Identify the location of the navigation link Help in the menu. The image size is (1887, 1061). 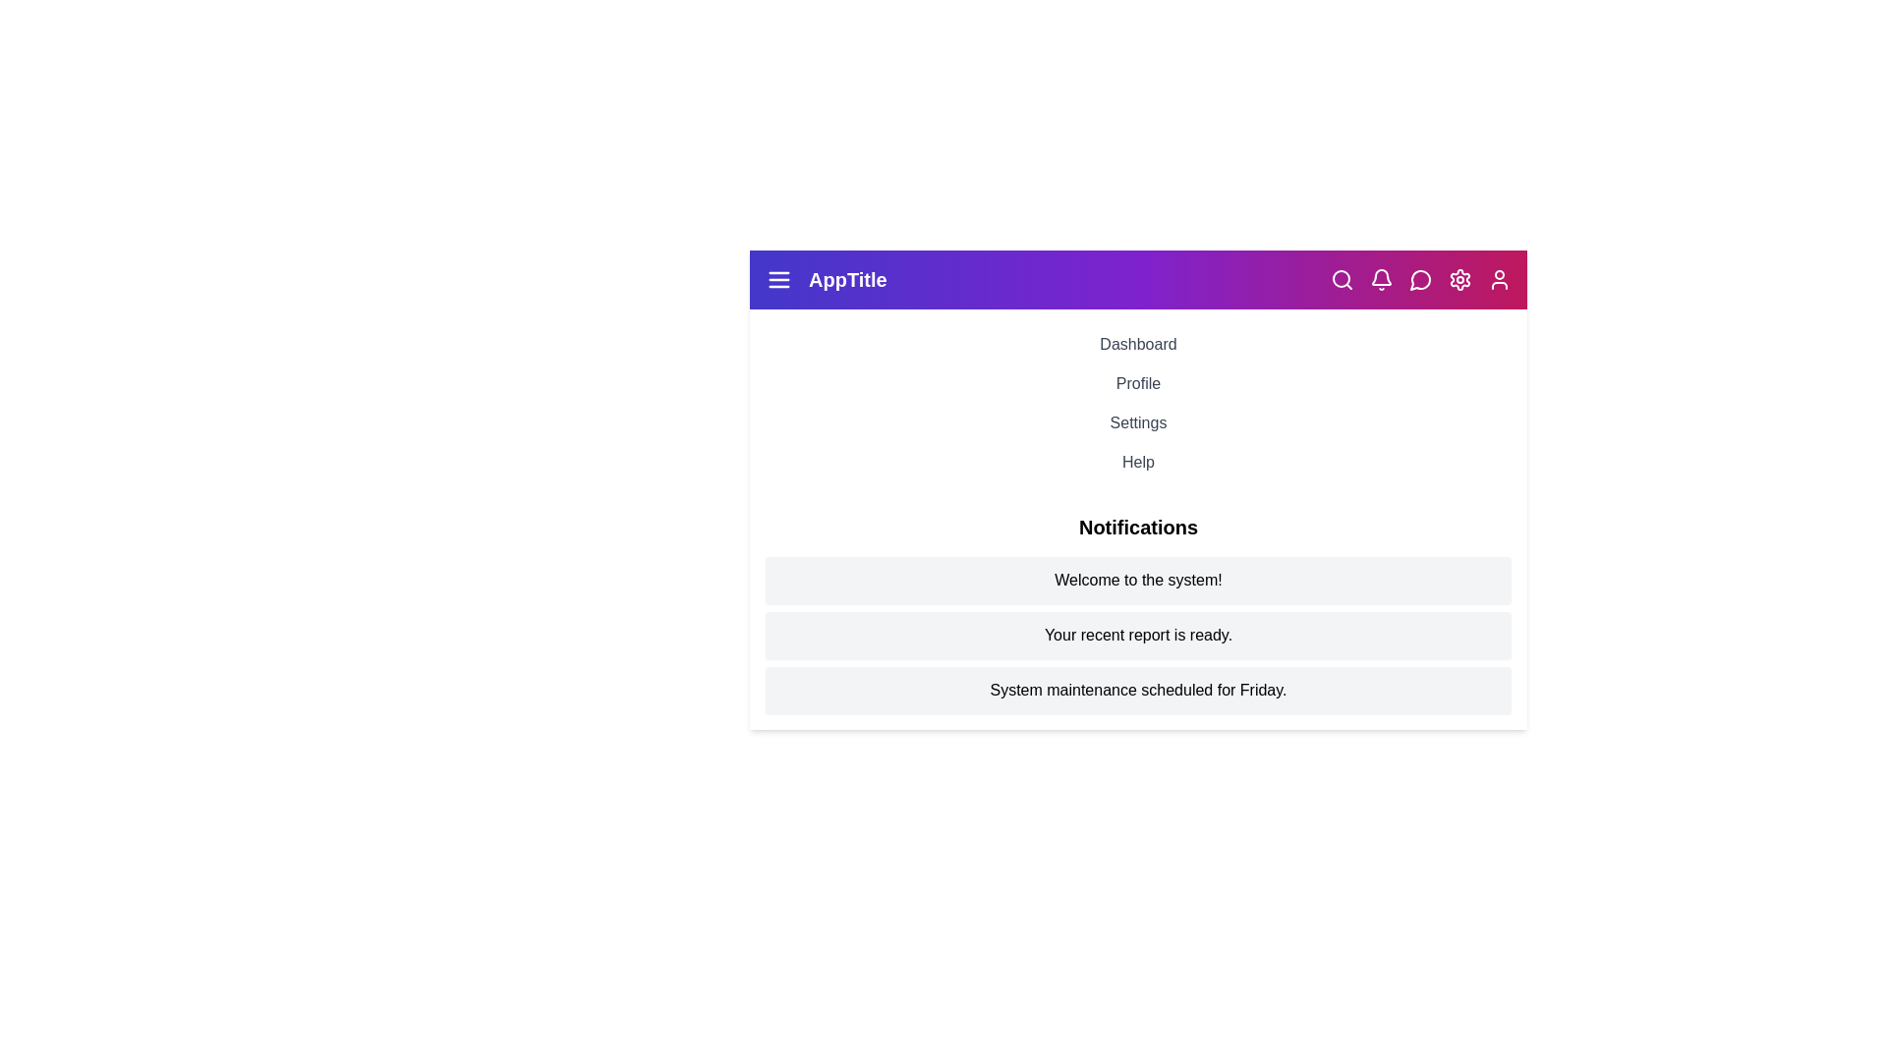
(1138, 462).